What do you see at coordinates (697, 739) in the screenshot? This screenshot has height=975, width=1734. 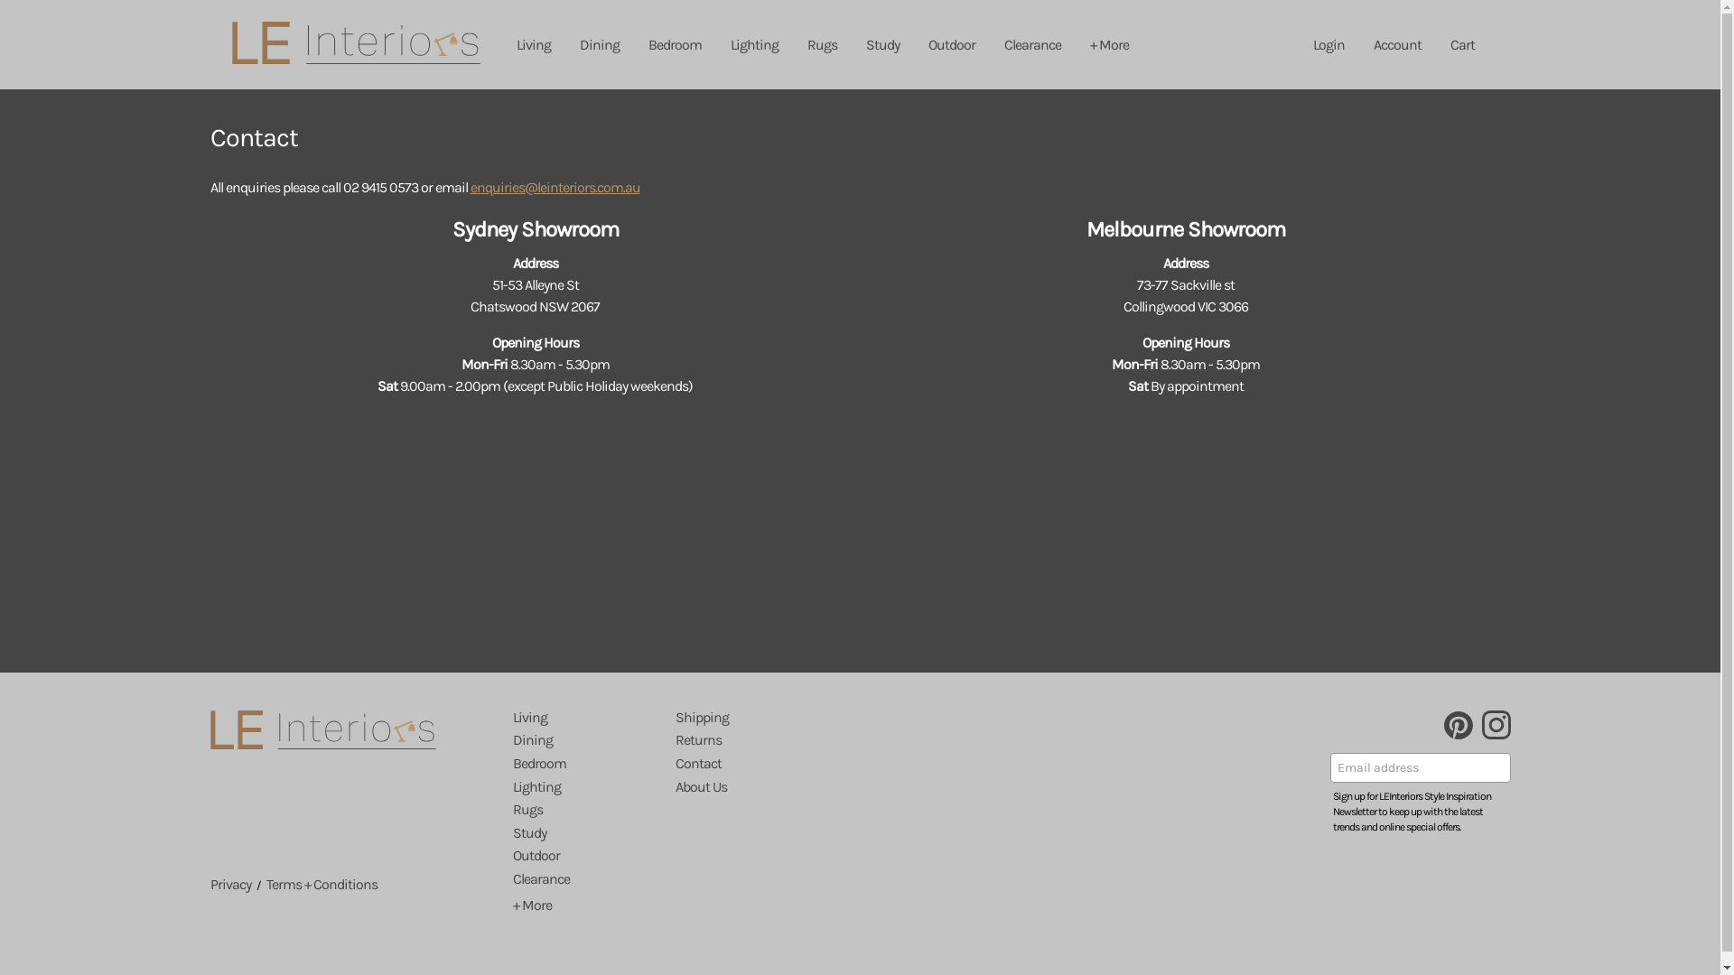 I see `'Returns'` at bounding box center [697, 739].